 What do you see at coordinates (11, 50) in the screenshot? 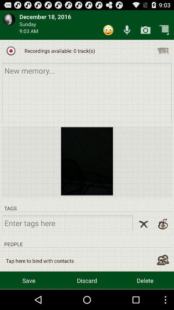
I see `the button which is left side of the recordings available0 trackss` at bounding box center [11, 50].